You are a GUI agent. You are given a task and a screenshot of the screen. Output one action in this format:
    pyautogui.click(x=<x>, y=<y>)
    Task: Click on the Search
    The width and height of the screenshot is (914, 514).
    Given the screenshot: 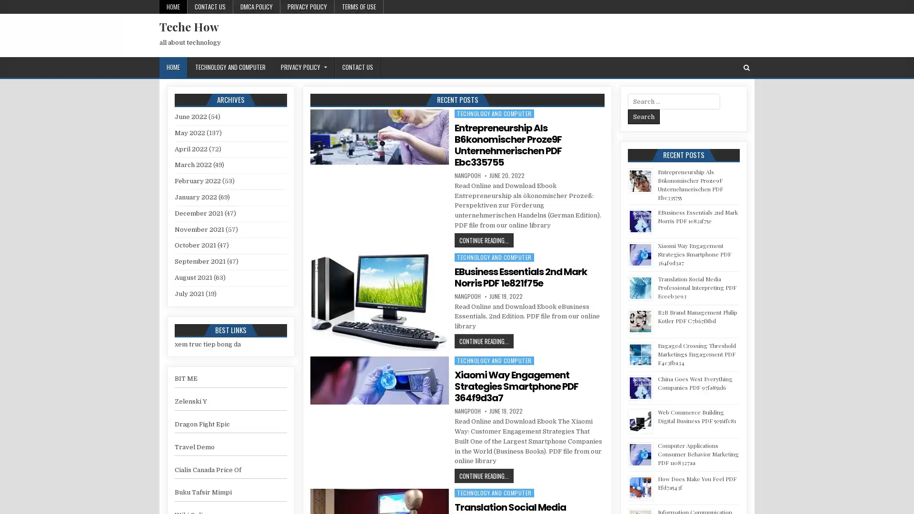 What is the action you would take?
    pyautogui.click(x=643, y=116)
    